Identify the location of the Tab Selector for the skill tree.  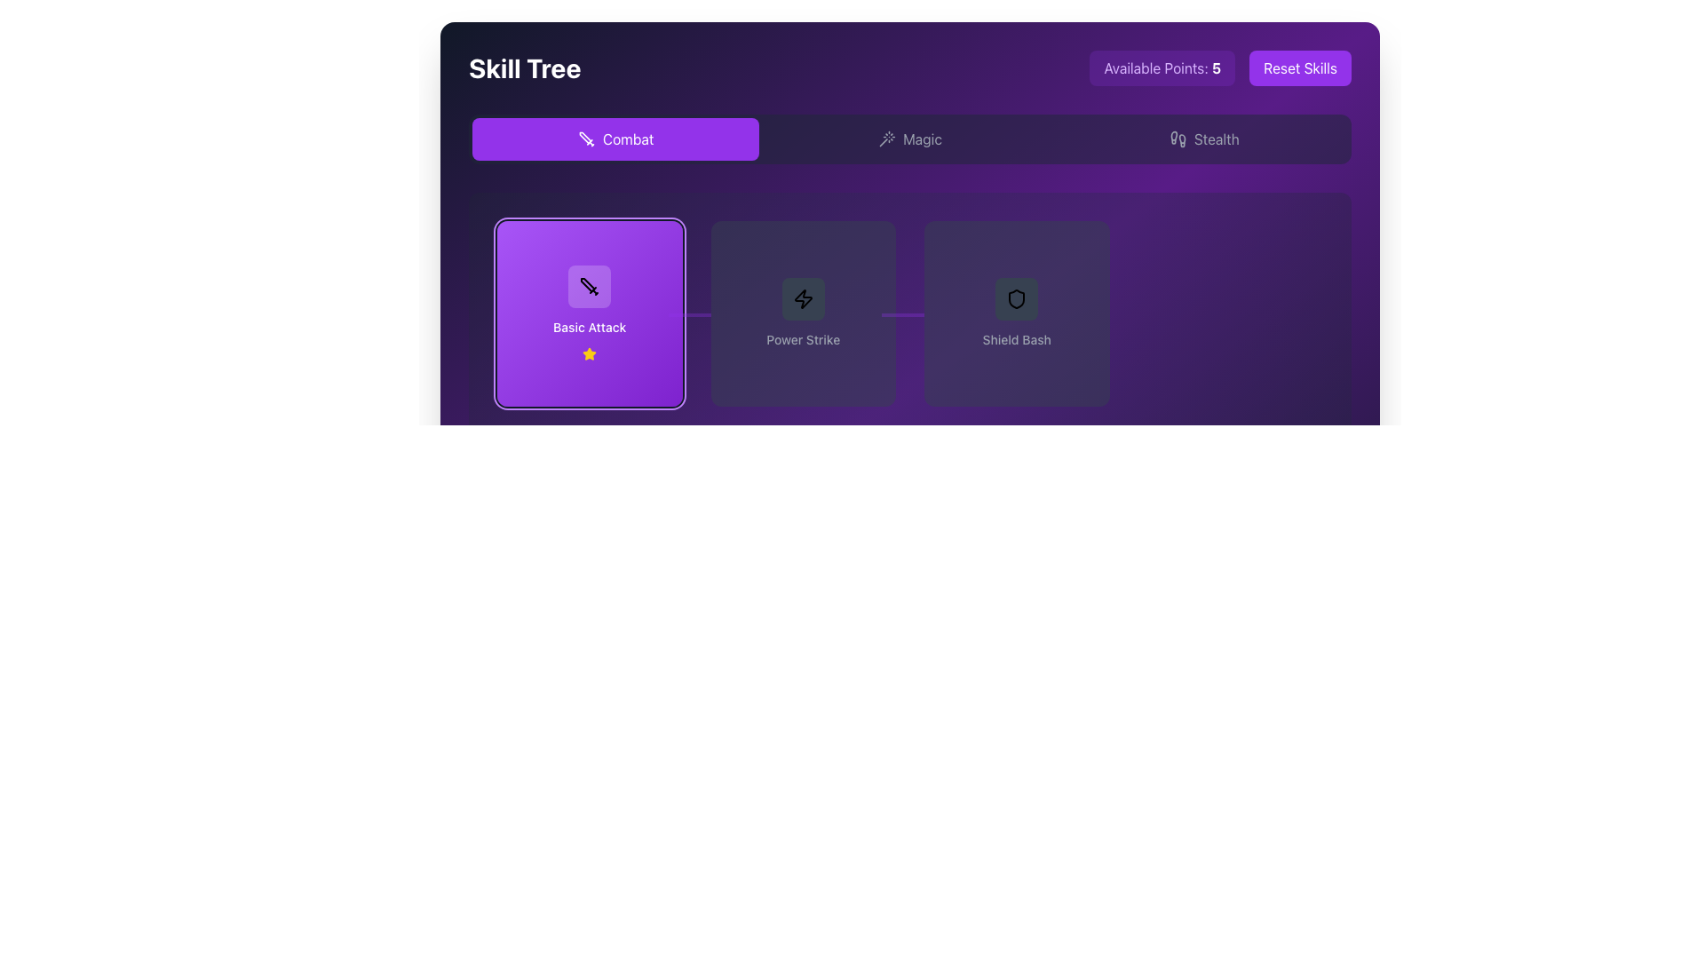
(910, 139).